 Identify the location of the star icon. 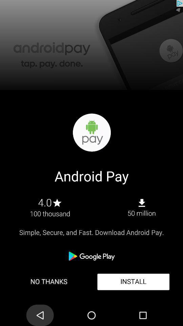
(22, 303).